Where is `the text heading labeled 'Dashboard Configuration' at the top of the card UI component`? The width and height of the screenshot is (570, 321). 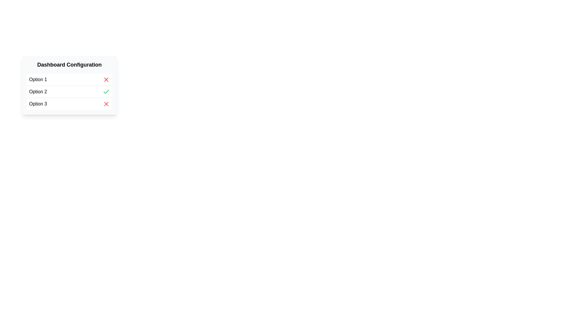 the text heading labeled 'Dashboard Configuration' at the top of the card UI component is located at coordinates (69, 65).